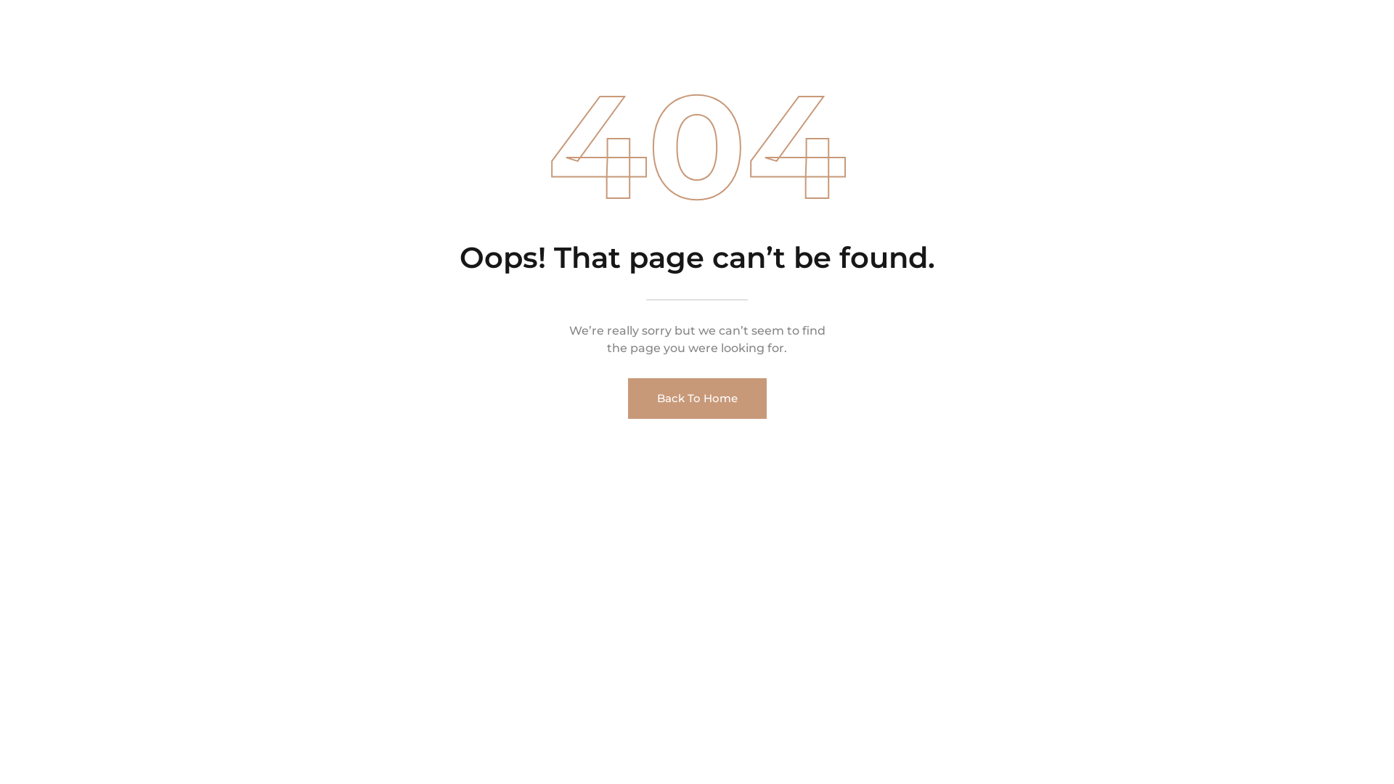 The image size is (1394, 784). Describe the element at coordinates (627, 398) in the screenshot. I see `'Back To Home'` at that location.